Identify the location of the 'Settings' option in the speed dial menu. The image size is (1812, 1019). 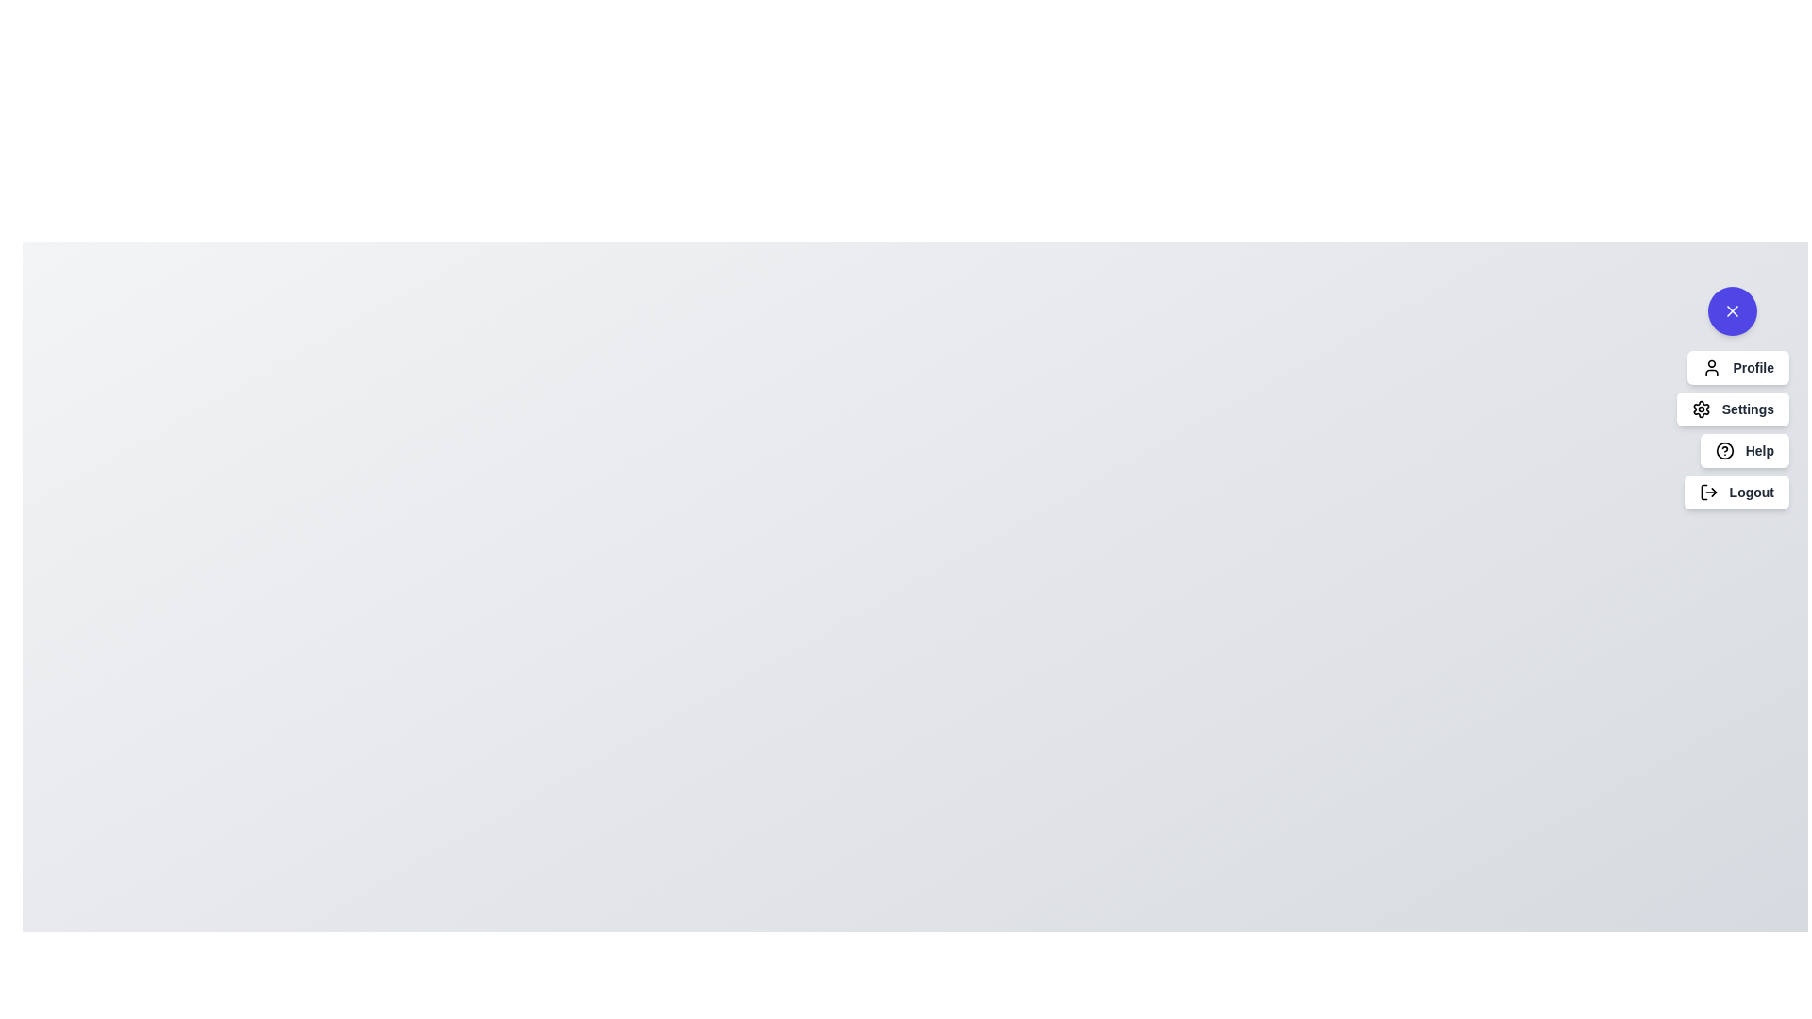
(1733, 409).